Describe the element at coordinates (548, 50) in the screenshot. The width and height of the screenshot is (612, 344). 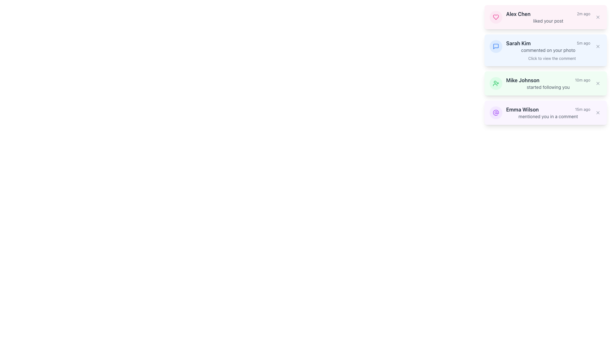
I see `the text label that says 'commented on your photo', which is styled in a smaller font and light gray color, located within the notification card for 'Sarah Kim'` at that location.